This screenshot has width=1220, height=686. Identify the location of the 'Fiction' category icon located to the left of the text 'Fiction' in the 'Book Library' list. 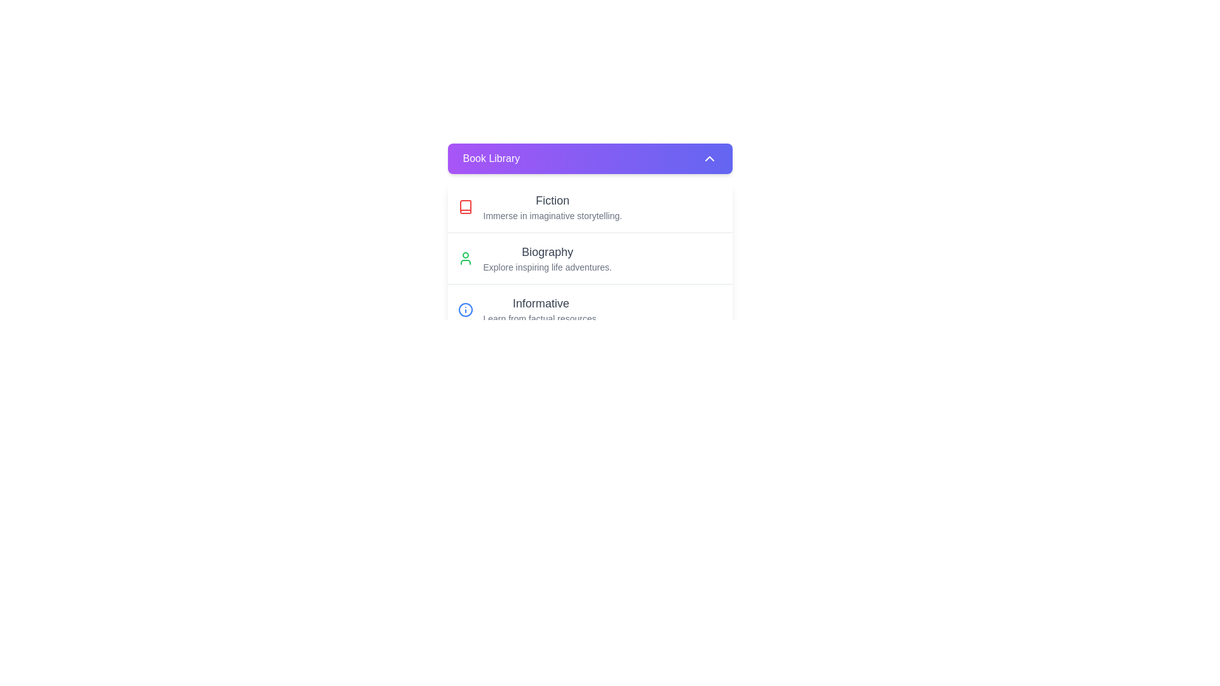
(464, 206).